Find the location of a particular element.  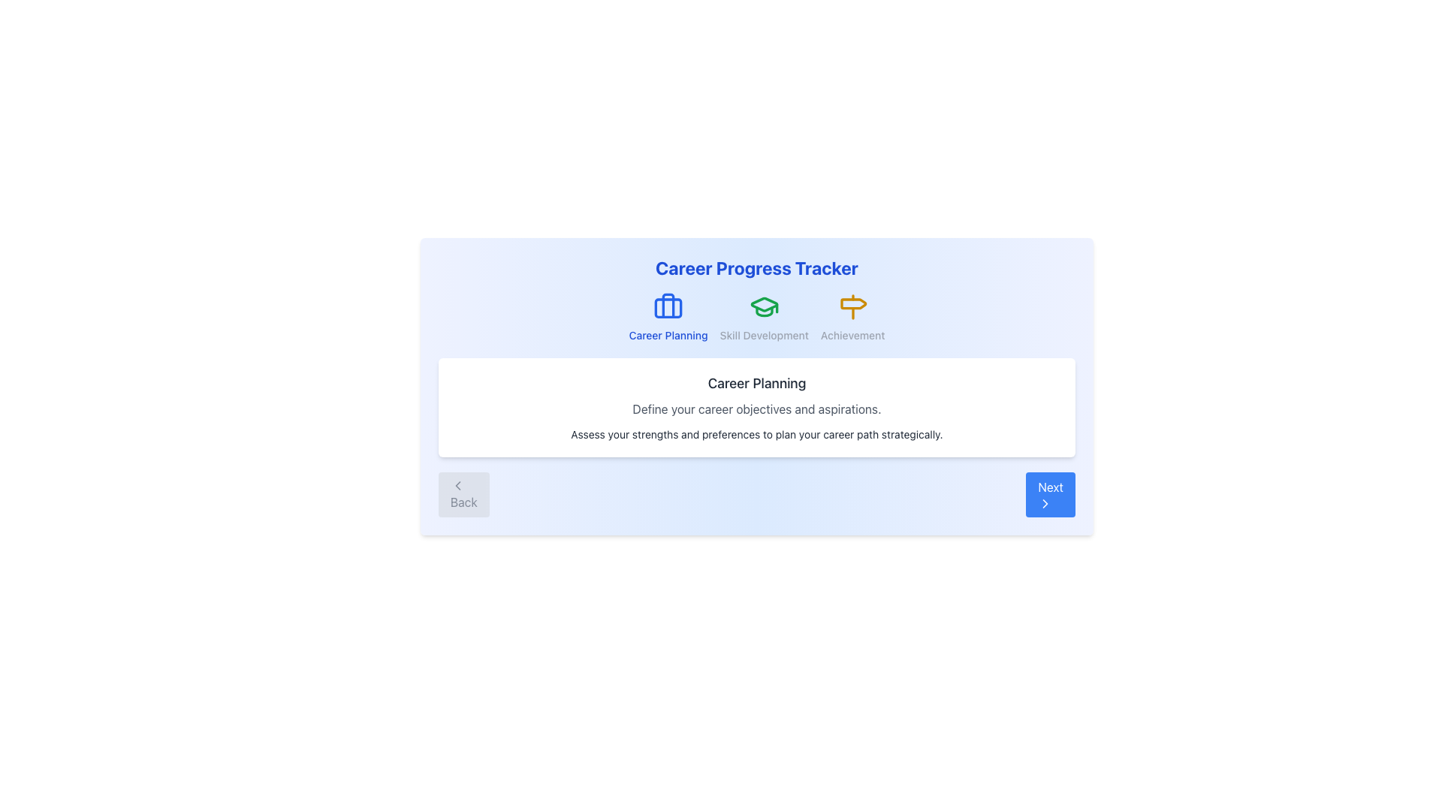

chevron icon associated with the 'Back' button located in the bottom-left corner of the card interface using developer tools is located at coordinates (457, 486).